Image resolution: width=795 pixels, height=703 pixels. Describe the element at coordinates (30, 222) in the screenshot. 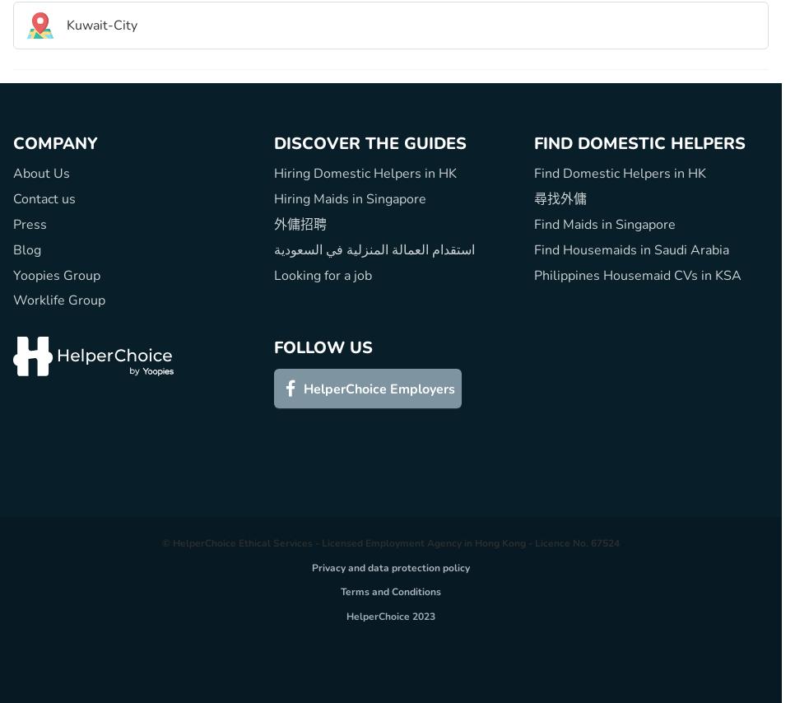

I see `'Press'` at that location.